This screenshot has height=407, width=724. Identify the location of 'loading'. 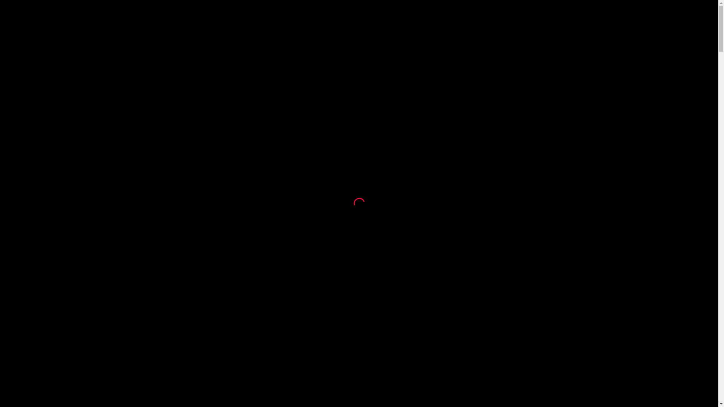
(357, 201).